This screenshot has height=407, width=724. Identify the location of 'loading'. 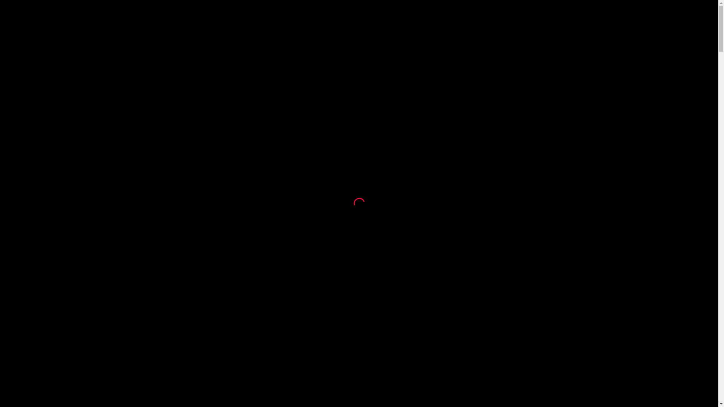
(357, 201).